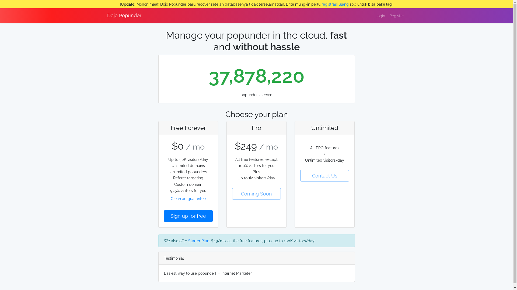  What do you see at coordinates (124, 15) in the screenshot?
I see `'Dojo Popunder'` at bounding box center [124, 15].